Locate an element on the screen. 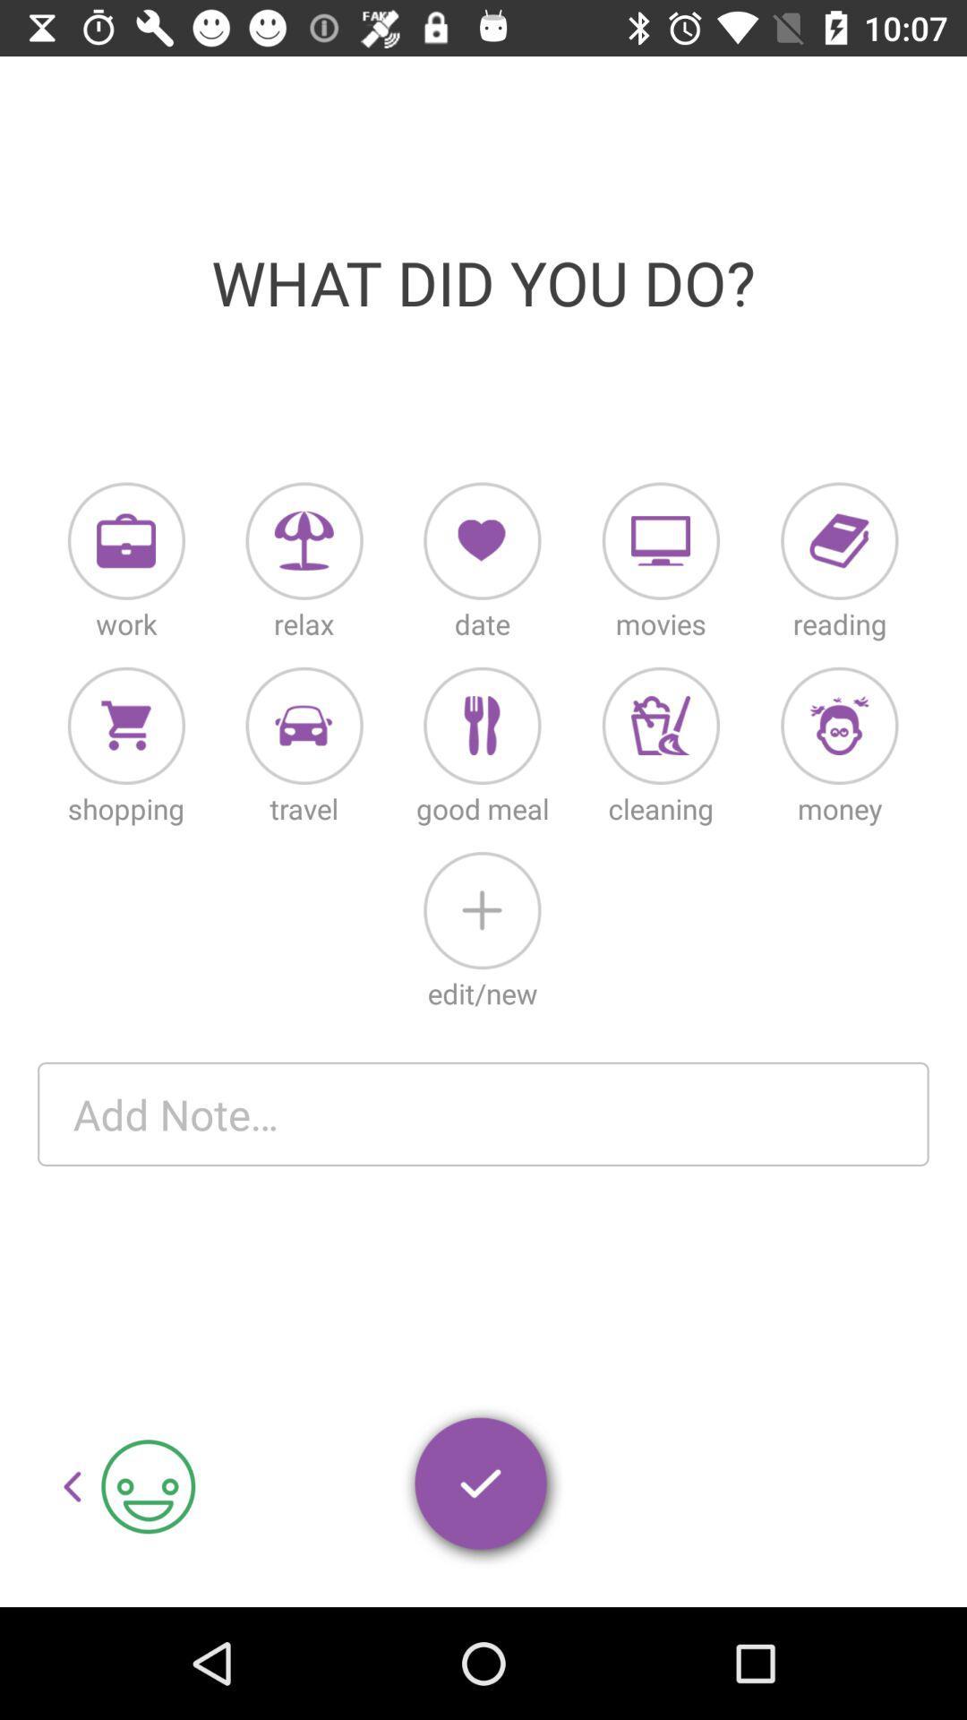 Image resolution: width=967 pixels, height=1720 pixels. money is located at coordinates (839, 726).